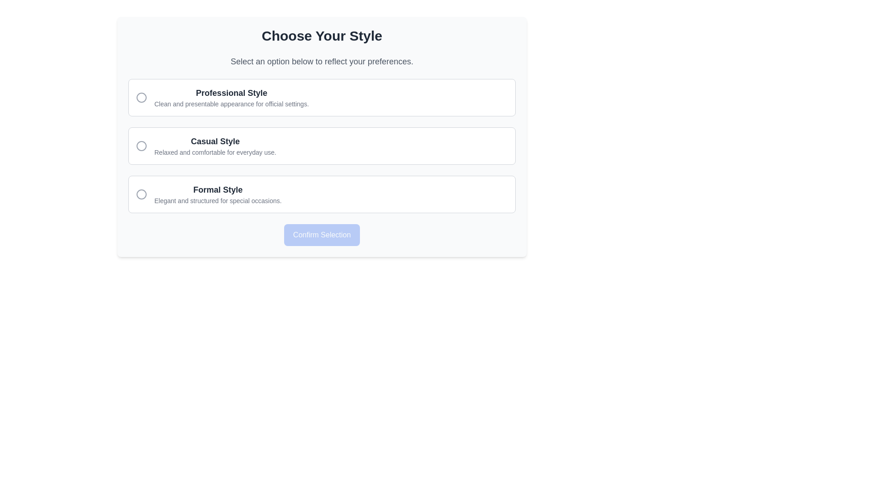 This screenshot has height=493, width=877. What do you see at coordinates (322, 62) in the screenshot?
I see `the text label that reads 'Select an option below to reflect your preferences.' which is located below the title 'Choose Your Style'` at bounding box center [322, 62].